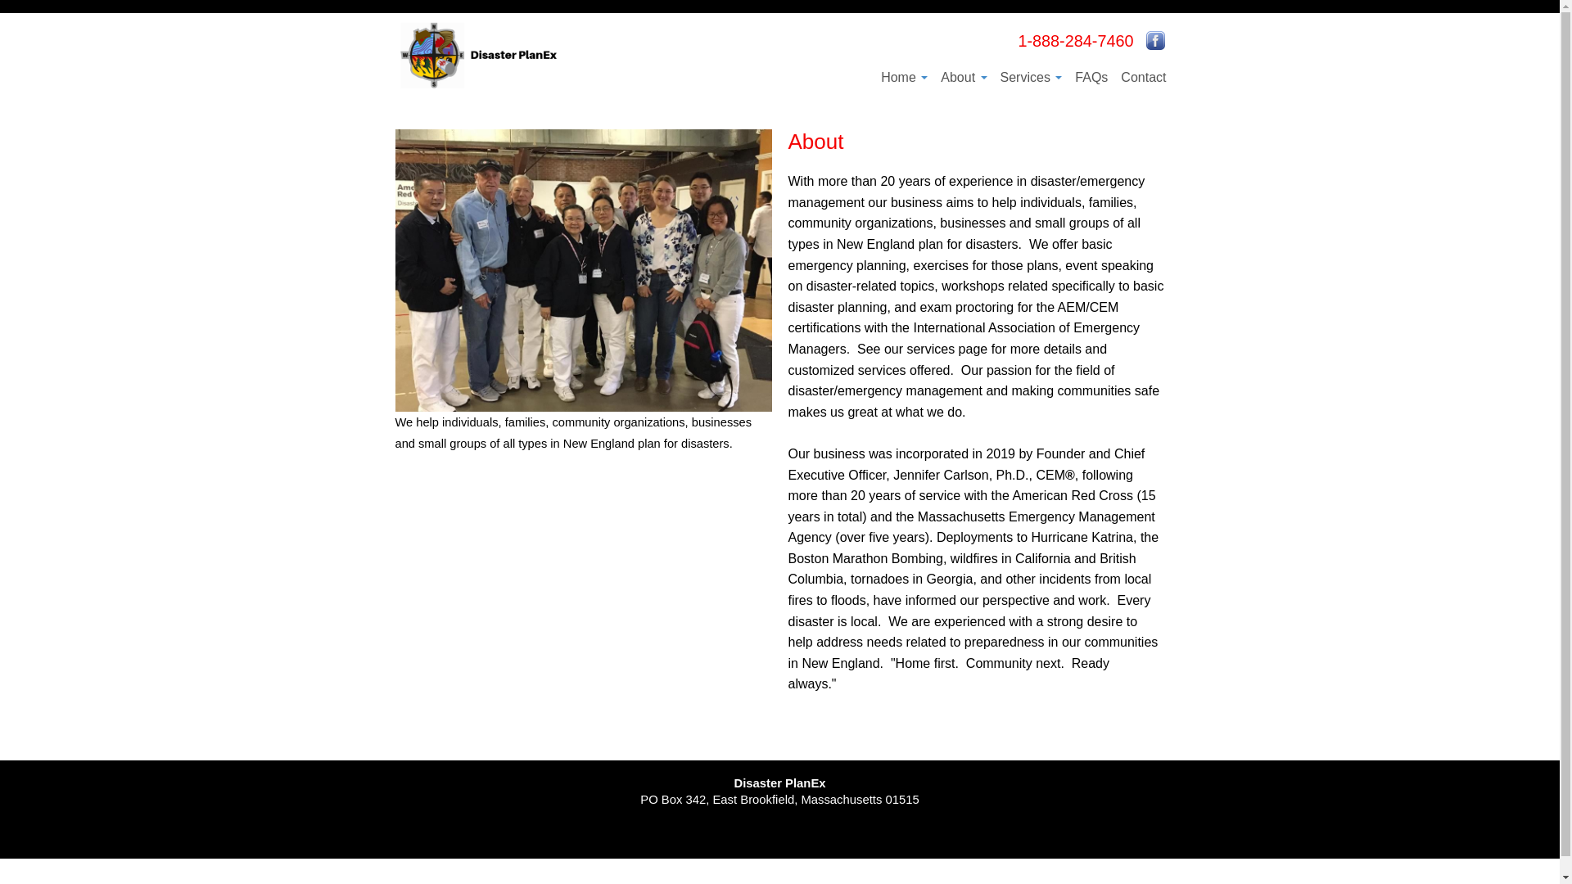 Image resolution: width=1572 pixels, height=884 pixels. I want to click on 'FAQs', so click(1068, 76).